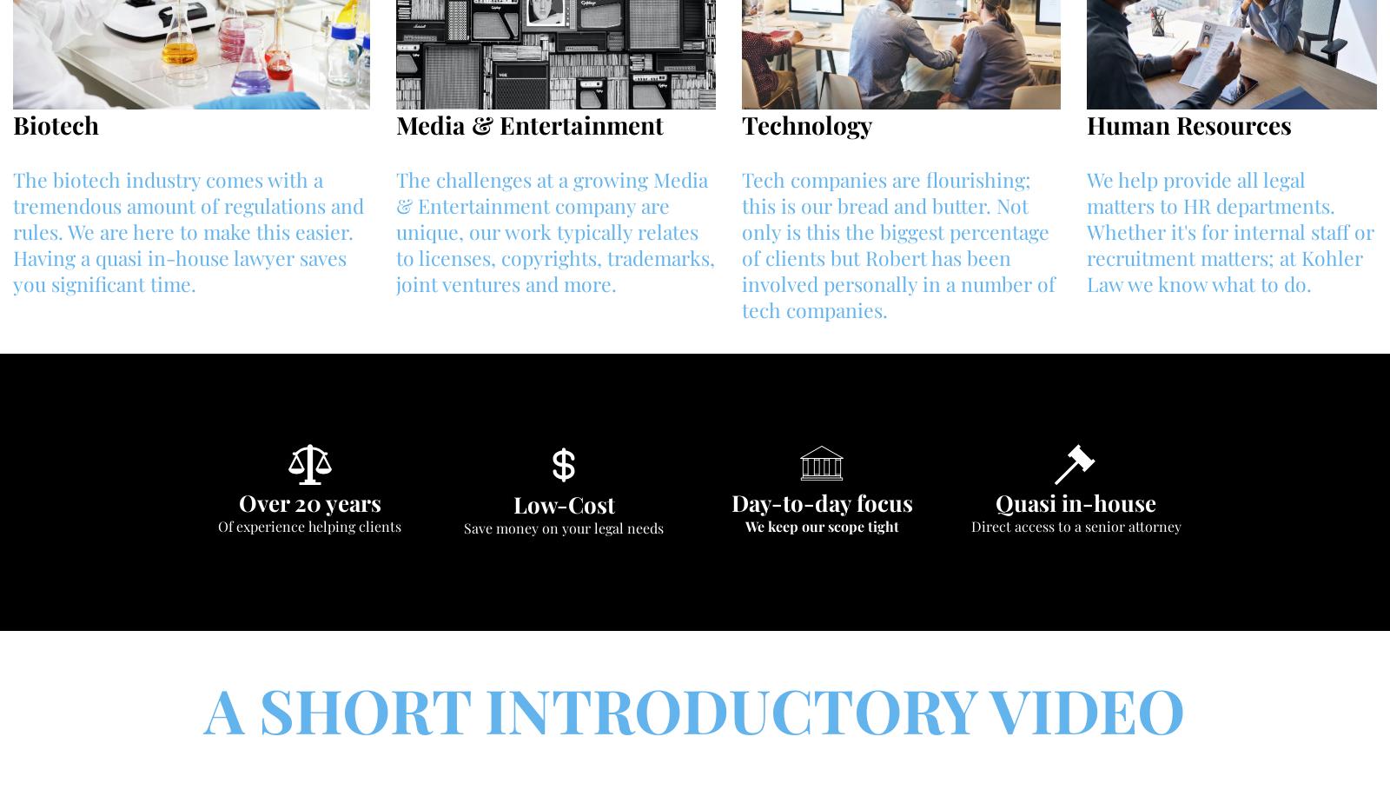  Describe the element at coordinates (1075, 502) in the screenshot. I see `'Quasi in-house'` at that location.